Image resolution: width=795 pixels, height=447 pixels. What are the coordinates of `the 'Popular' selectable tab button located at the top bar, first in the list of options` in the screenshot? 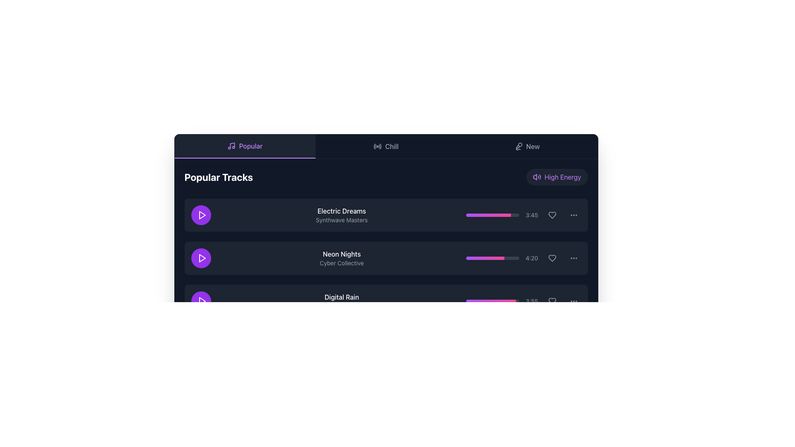 It's located at (244, 146).